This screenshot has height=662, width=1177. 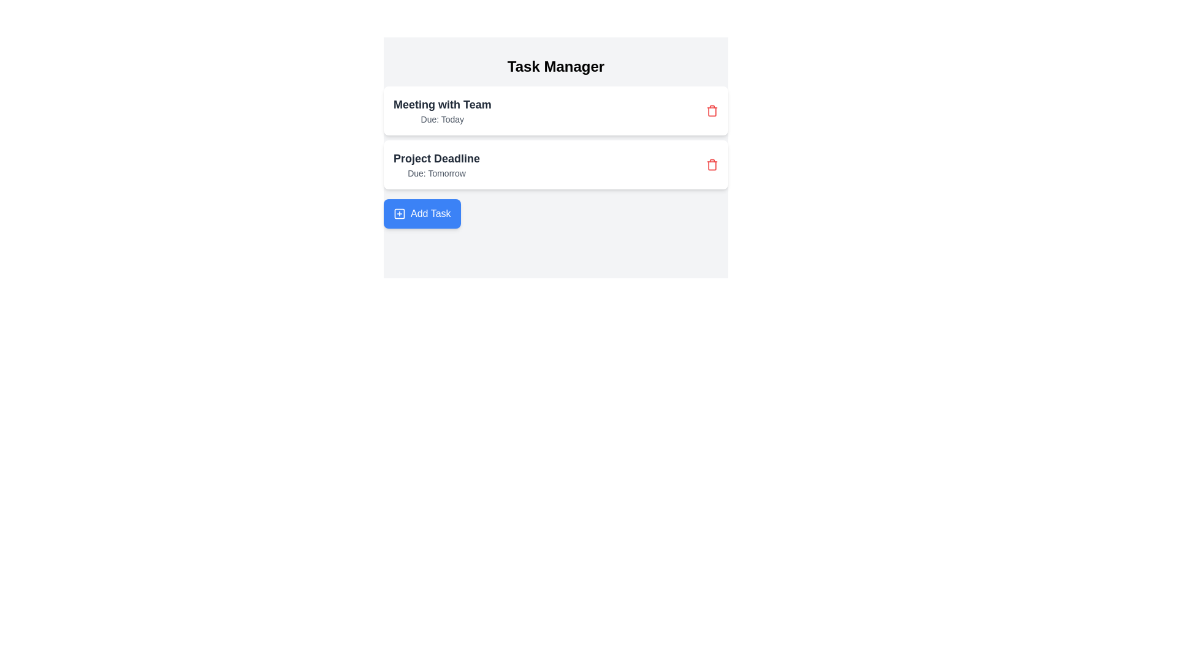 What do you see at coordinates (436, 164) in the screenshot?
I see `the Informational Text Display that shows 'Project Deadline' and states 'Due: Tomorrow', located centrally beneath the 'Meeting with Team' task in the white card with rounded corners` at bounding box center [436, 164].